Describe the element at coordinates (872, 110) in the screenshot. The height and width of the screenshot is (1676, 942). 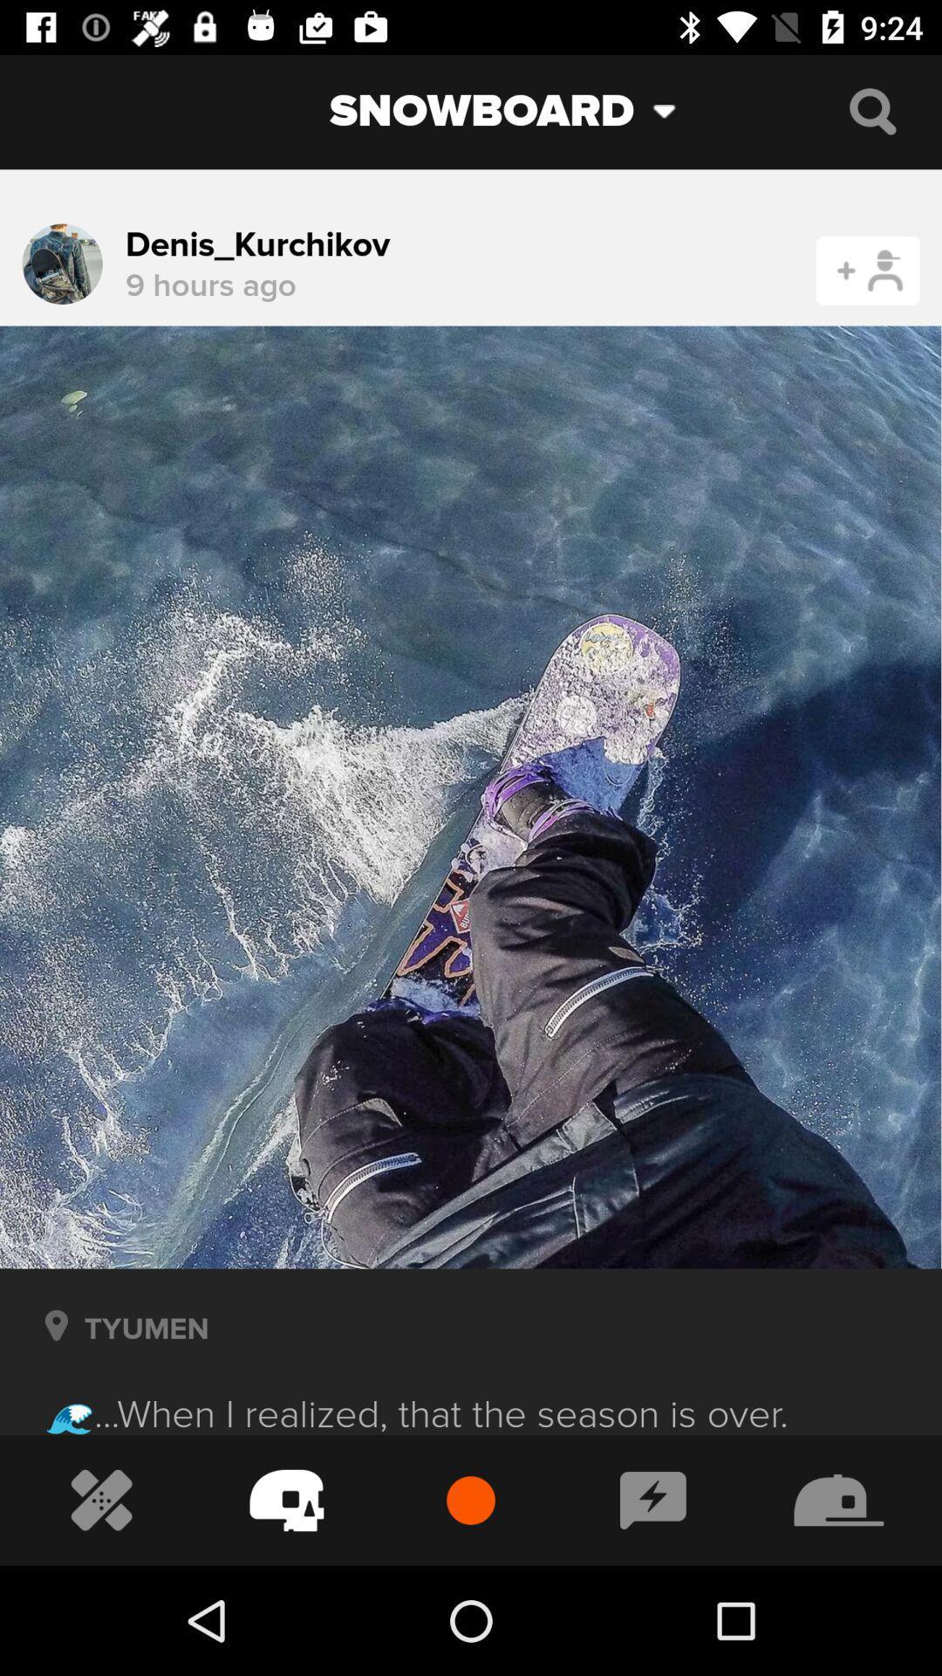
I see `the search icon` at that location.